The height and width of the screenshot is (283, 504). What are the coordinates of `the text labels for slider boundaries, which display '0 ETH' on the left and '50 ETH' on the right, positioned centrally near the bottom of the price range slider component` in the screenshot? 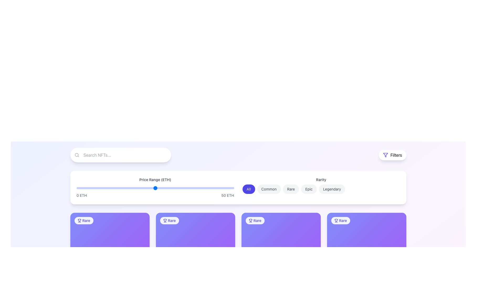 It's located at (155, 195).